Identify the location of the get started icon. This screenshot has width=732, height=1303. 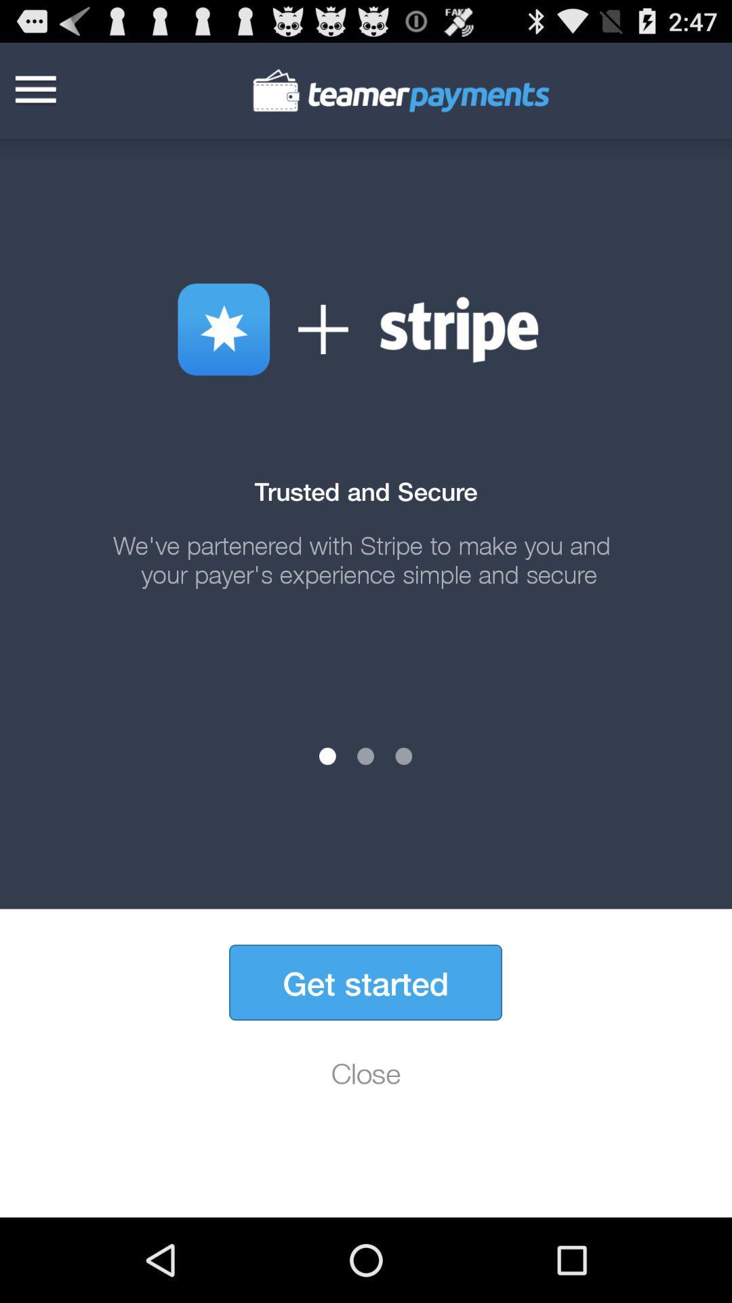
(365, 982).